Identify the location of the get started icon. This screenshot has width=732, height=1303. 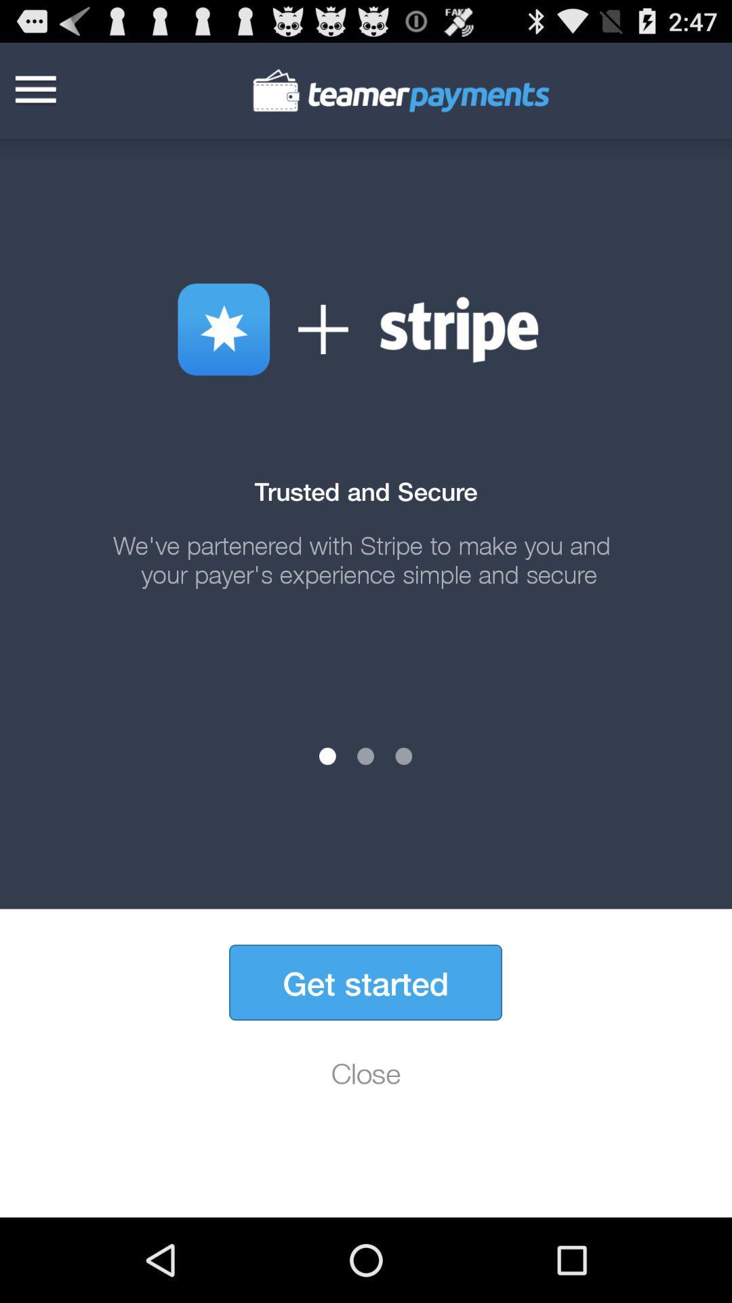
(365, 982).